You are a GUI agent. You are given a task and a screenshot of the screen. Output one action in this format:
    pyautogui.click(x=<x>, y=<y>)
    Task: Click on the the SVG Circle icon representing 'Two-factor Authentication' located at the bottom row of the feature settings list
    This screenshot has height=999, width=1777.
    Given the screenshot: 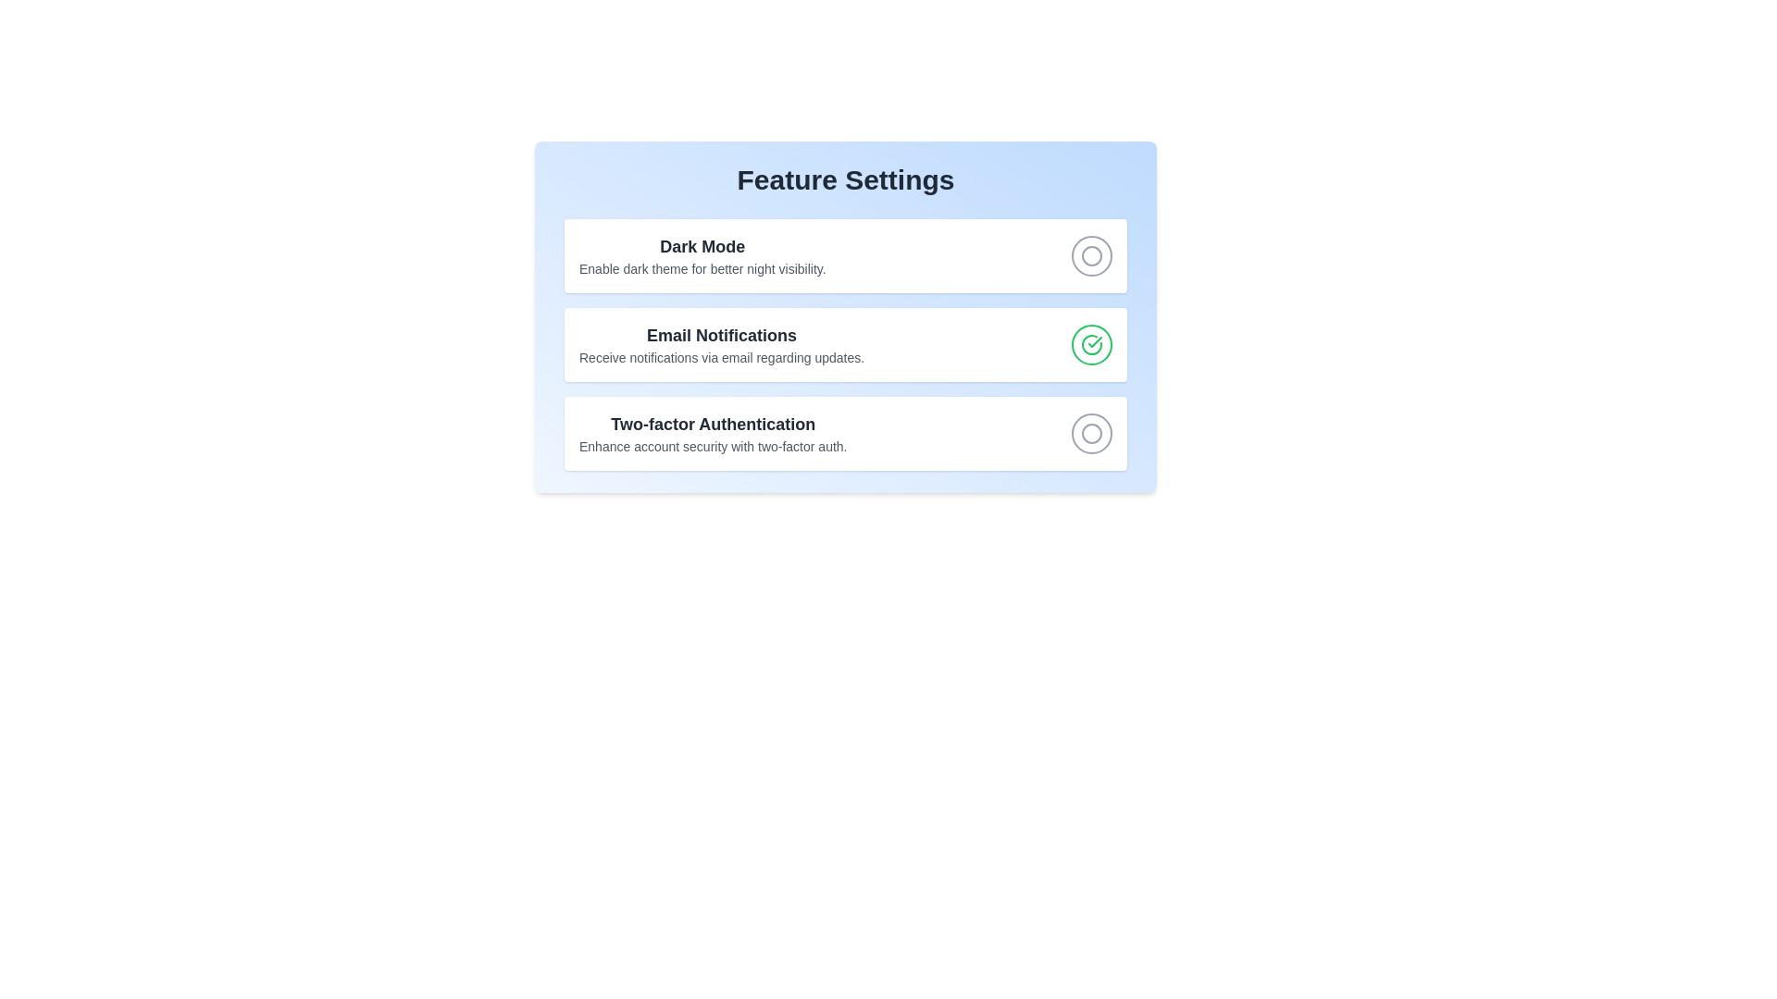 What is the action you would take?
    pyautogui.click(x=1092, y=434)
    